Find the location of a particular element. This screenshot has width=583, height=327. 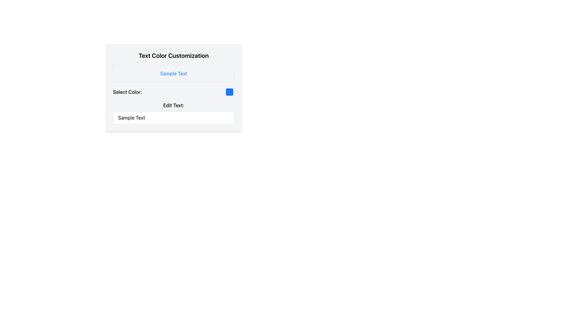

the text input field located below the label 'Edit Text:' which allows users is located at coordinates (173, 118).